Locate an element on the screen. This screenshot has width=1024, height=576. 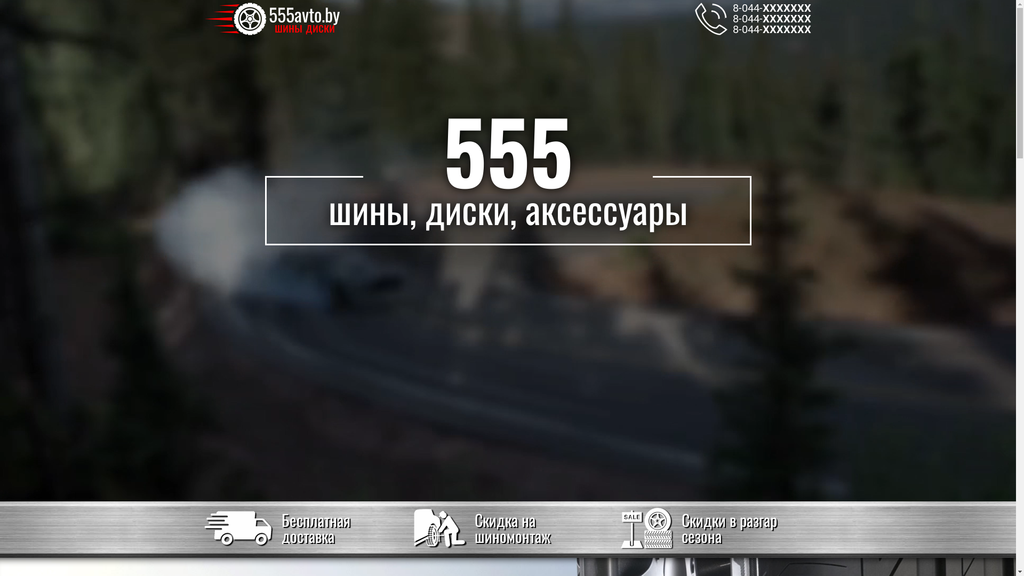
'8-044-XXXXXXX' is located at coordinates (732, 28).